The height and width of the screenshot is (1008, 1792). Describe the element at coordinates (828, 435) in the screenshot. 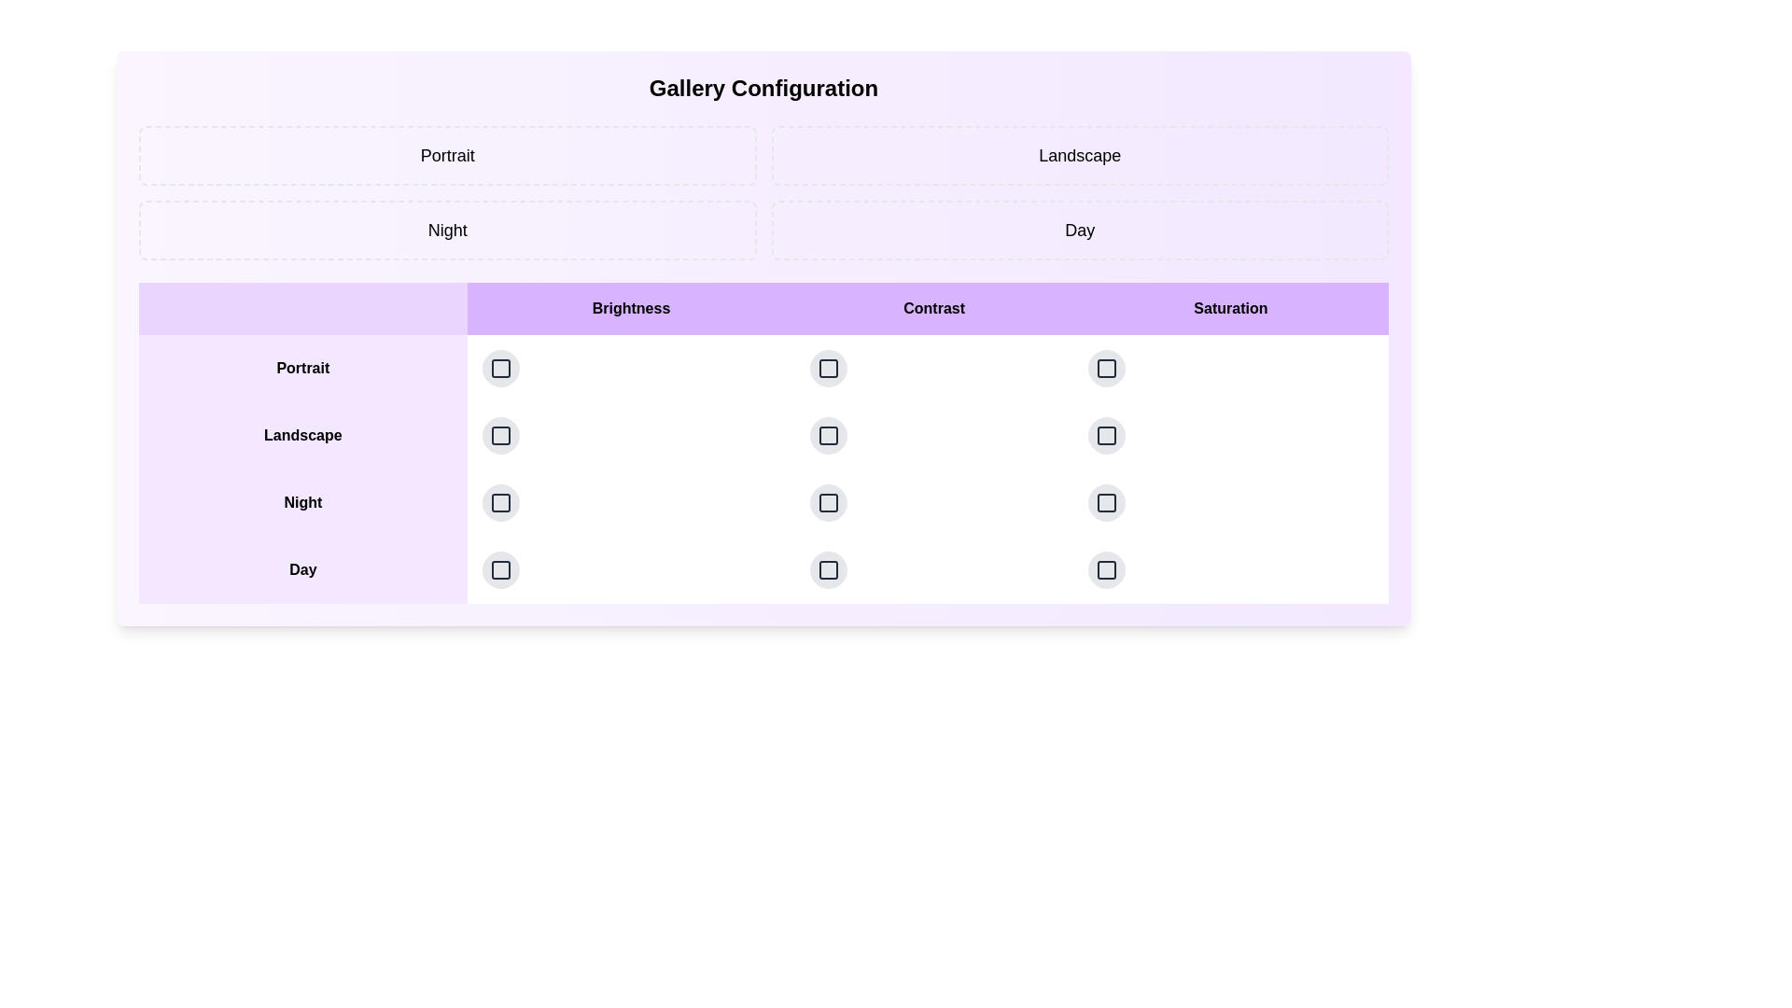

I see `the small, square-shaped icon under the 'Contrast' header in the second column and third row labeled 'Night'` at that location.